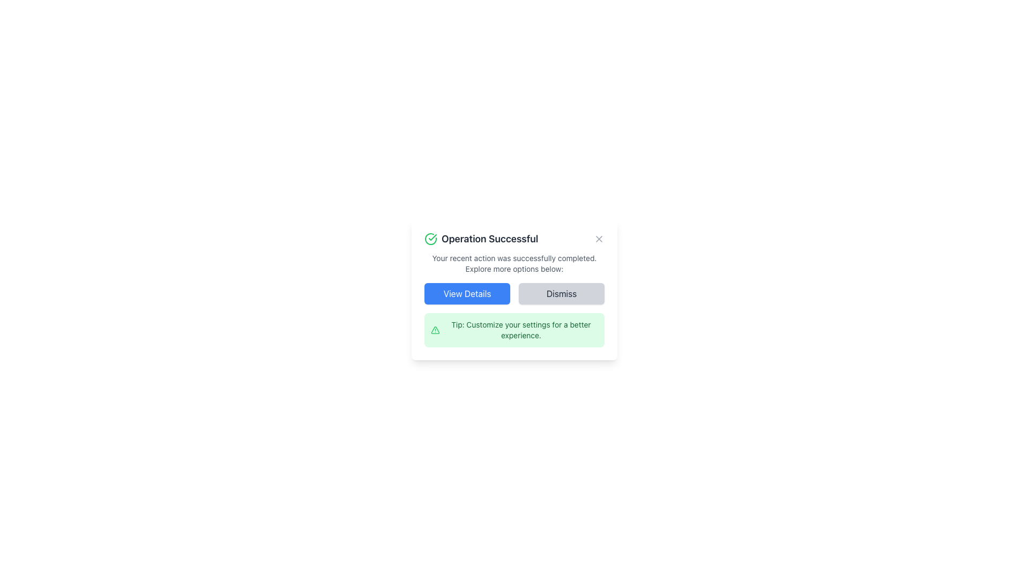 The width and height of the screenshot is (1029, 579). Describe the element at coordinates (561, 293) in the screenshot. I see `the 'Dismiss' button with gray background and dark gray text` at that location.